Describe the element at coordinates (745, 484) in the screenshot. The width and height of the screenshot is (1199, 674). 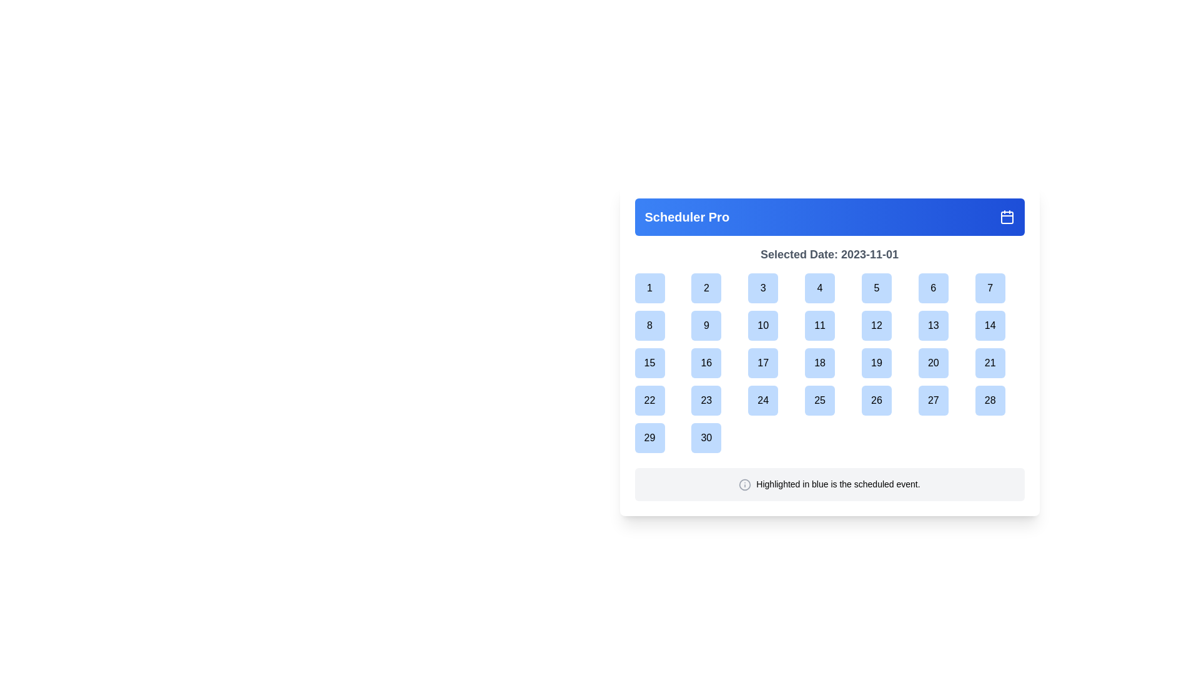
I see `the circular SVG element with a radius of 10 pixels, which is part of an icon near the bottom of the interface, located near the 'Highlighted in blue is the scheduled event' label` at that location.